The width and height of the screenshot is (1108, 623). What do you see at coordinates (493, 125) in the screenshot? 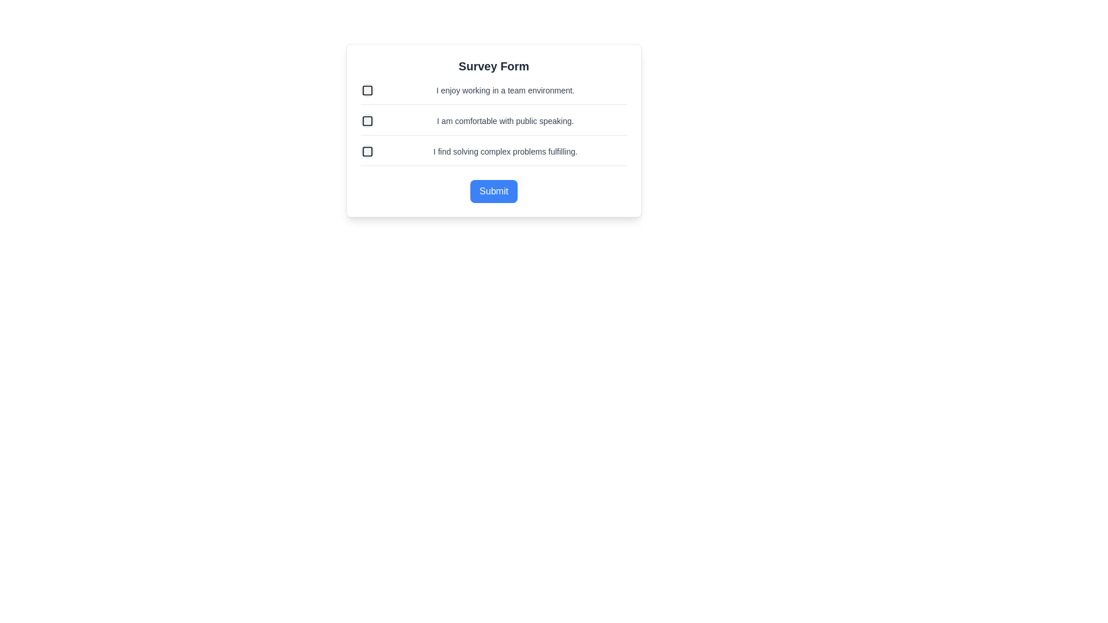
I see `the checkboxes in the Survey question section` at bounding box center [493, 125].